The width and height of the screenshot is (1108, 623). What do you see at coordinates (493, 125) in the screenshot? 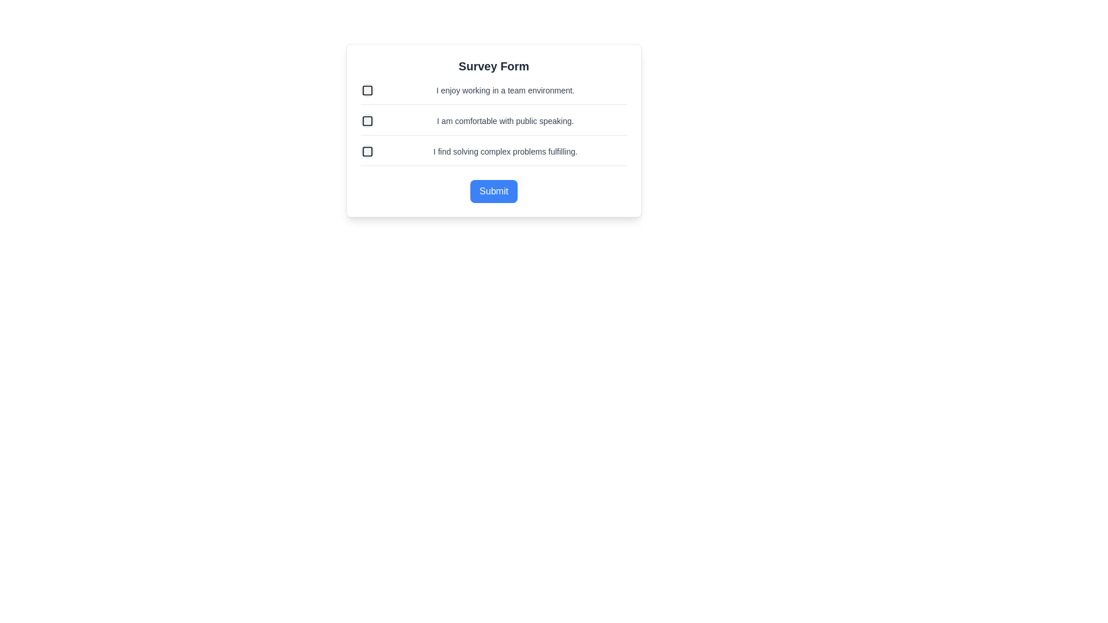
I see `the checkboxes in the Survey question section` at bounding box center [493, 125].